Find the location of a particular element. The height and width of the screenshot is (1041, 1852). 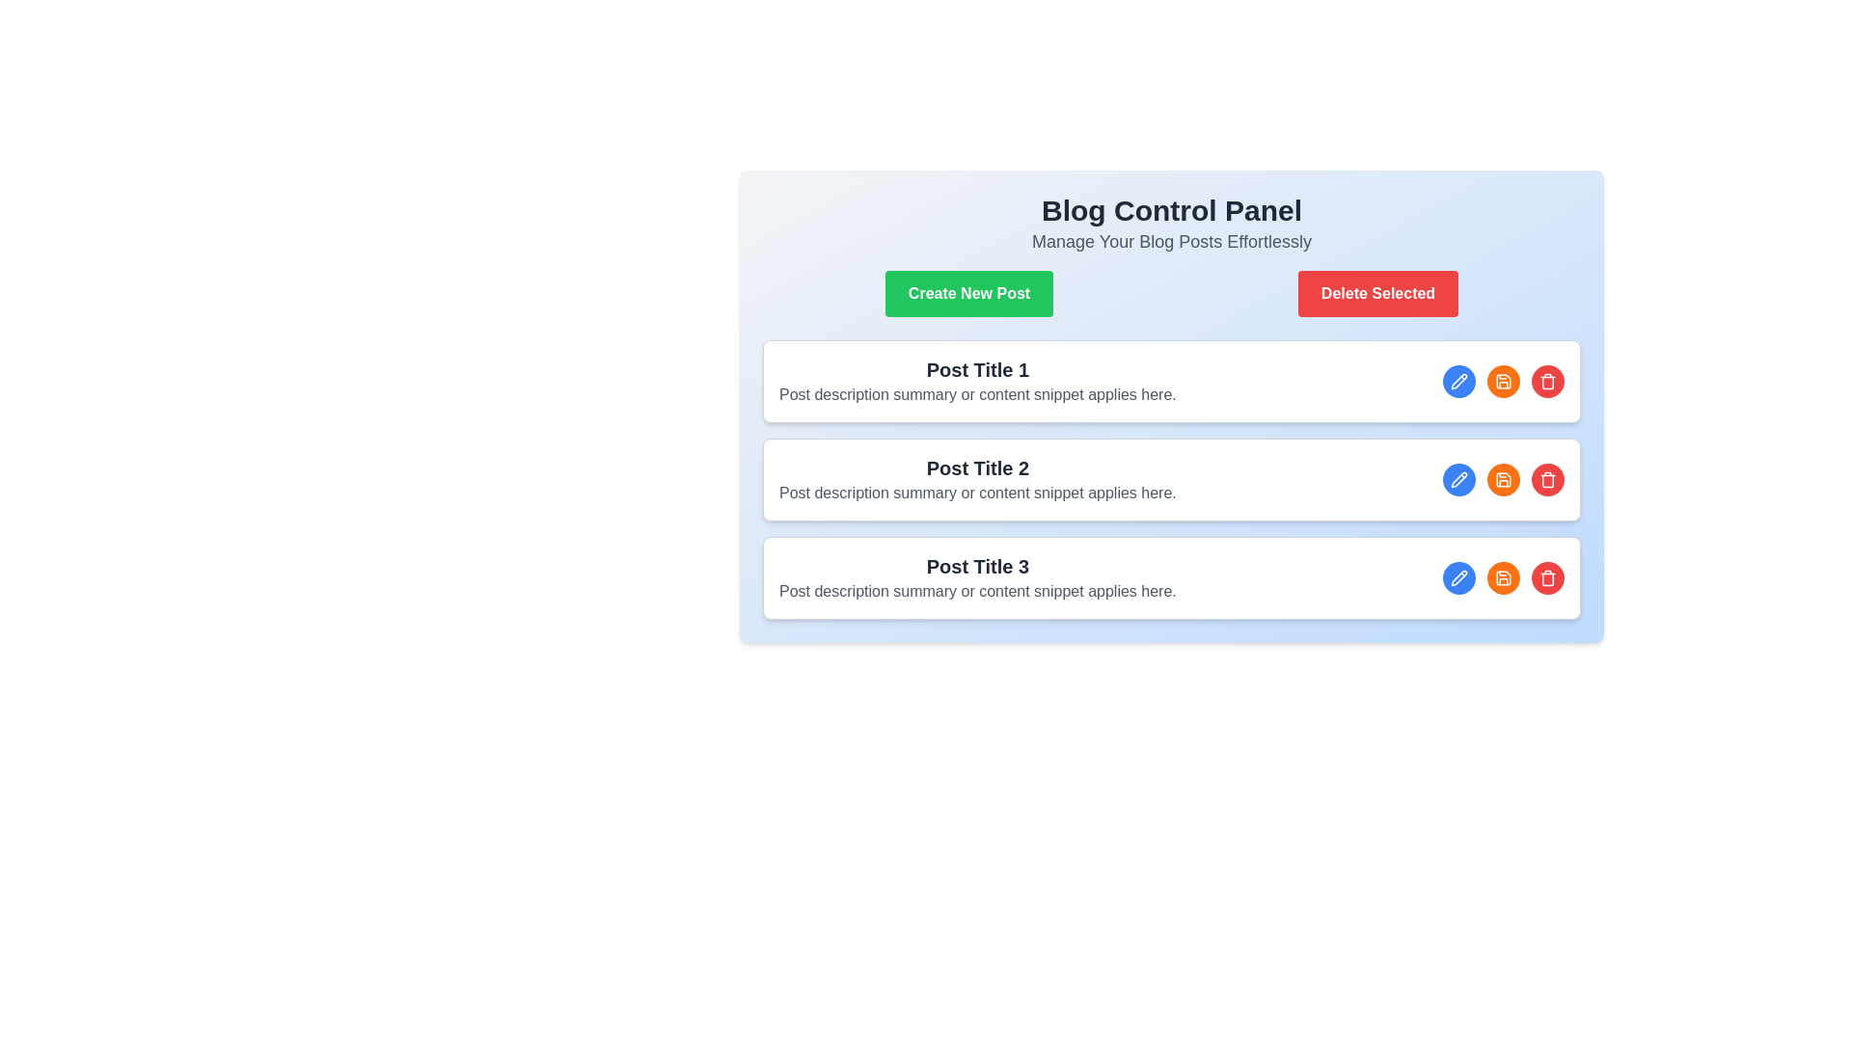

the trash can icon button located in the rightmost section of an action button group is located at coordinates (1547, 478).